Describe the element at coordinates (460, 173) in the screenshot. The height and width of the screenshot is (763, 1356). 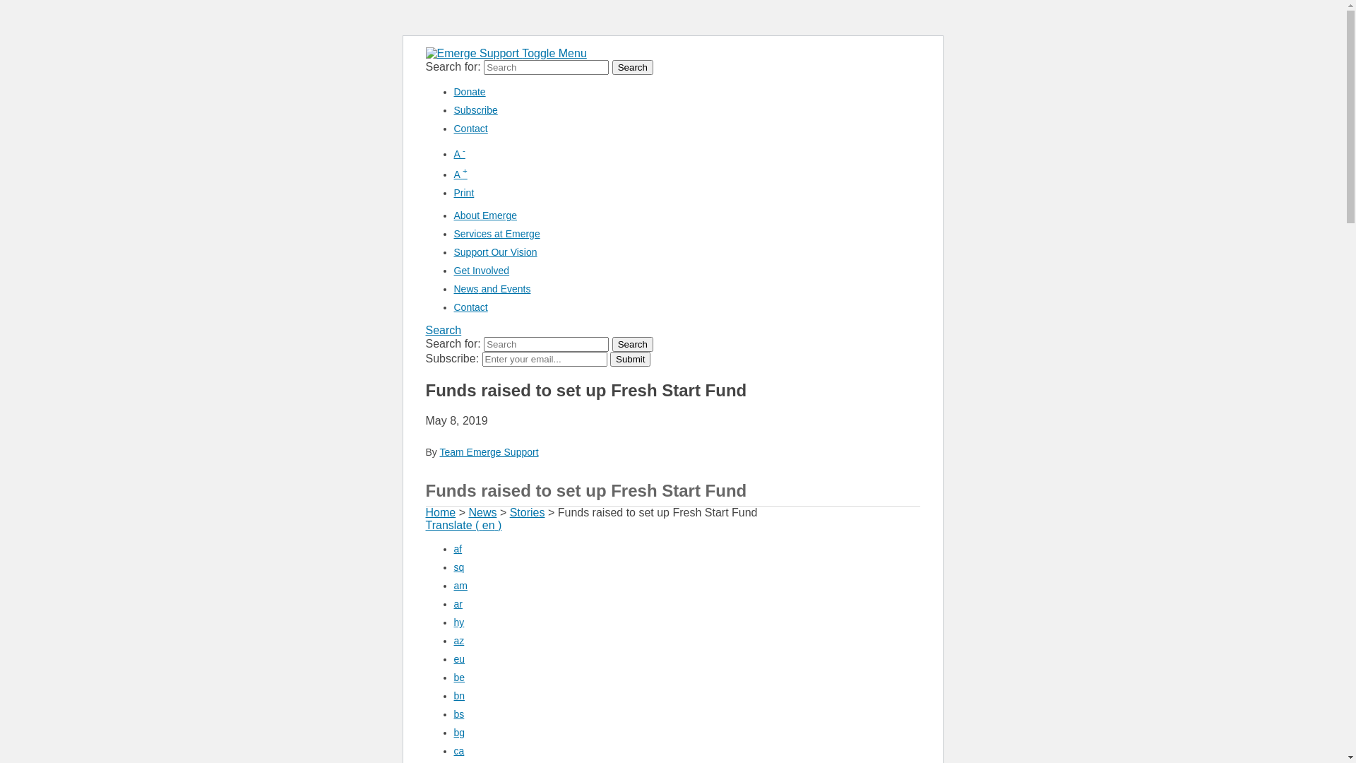
I see `'A +'` at that location.